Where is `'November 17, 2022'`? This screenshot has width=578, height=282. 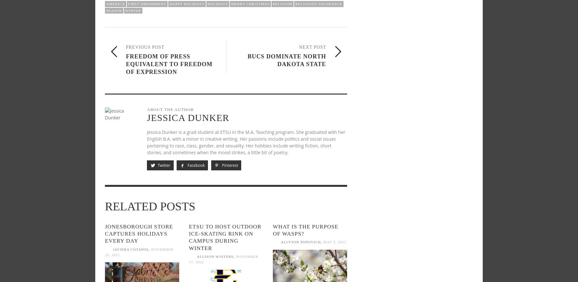
'November 17, 2022' is located at coordinates (223, 259).